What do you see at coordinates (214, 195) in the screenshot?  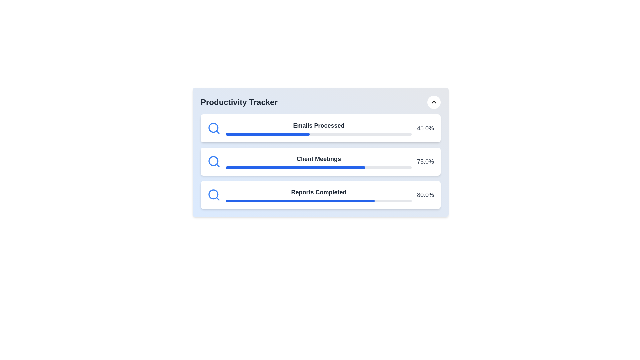 I see `the blue search icon with a magnifying glass design located at the left side of the 'Reports Completed' section in the 'Productivity Tracker' widget to initiate a search action` at bounding box center [214, 195].